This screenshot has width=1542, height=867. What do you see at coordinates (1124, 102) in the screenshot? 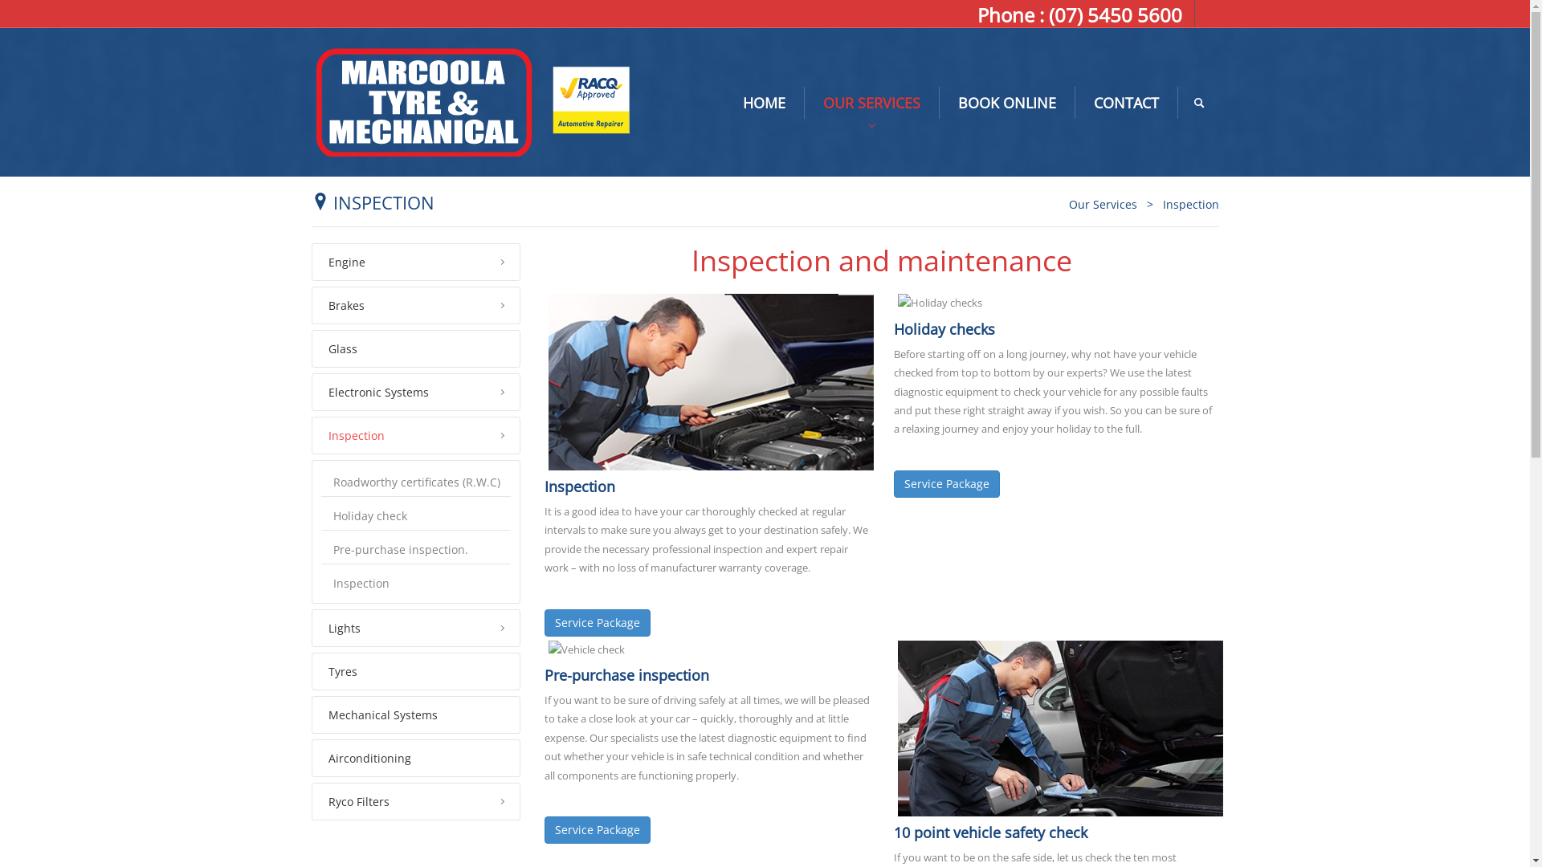
I see `'CONTACT'` at bounding box center [1124, 102].